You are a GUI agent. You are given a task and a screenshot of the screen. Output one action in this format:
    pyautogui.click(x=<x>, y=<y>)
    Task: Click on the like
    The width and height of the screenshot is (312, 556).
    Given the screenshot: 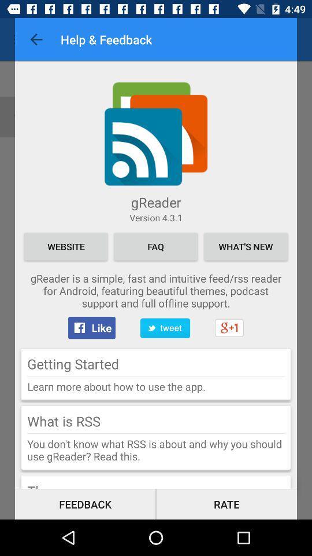 What is the action you would take?
    pyautogui.click(x=91, y=328)
    